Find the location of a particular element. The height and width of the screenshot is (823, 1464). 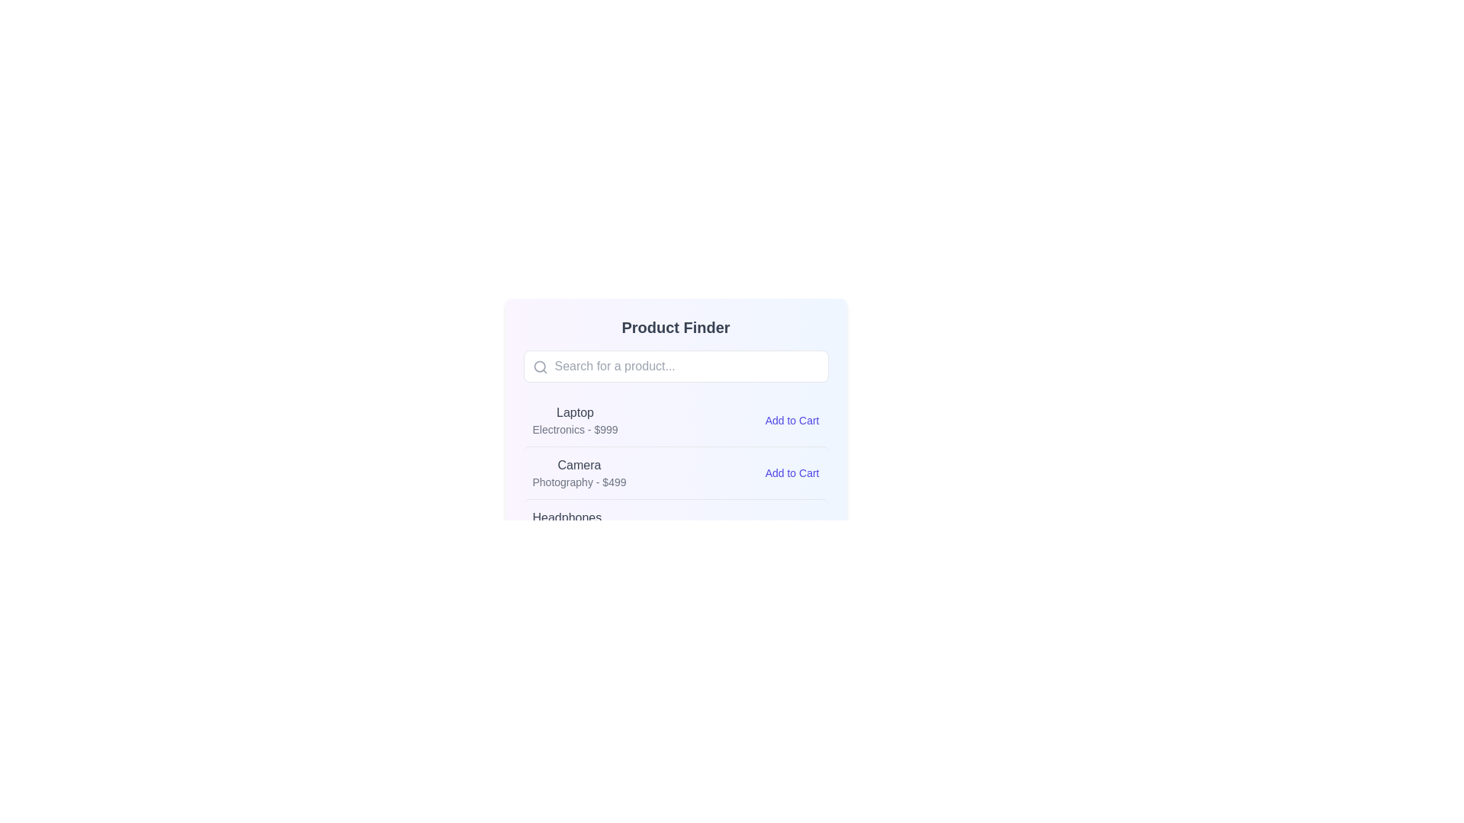

the static text element displaying 'Photography - $499', which is located directly below the 'Camera' heading in the product list is located at coordinates (578, 482).